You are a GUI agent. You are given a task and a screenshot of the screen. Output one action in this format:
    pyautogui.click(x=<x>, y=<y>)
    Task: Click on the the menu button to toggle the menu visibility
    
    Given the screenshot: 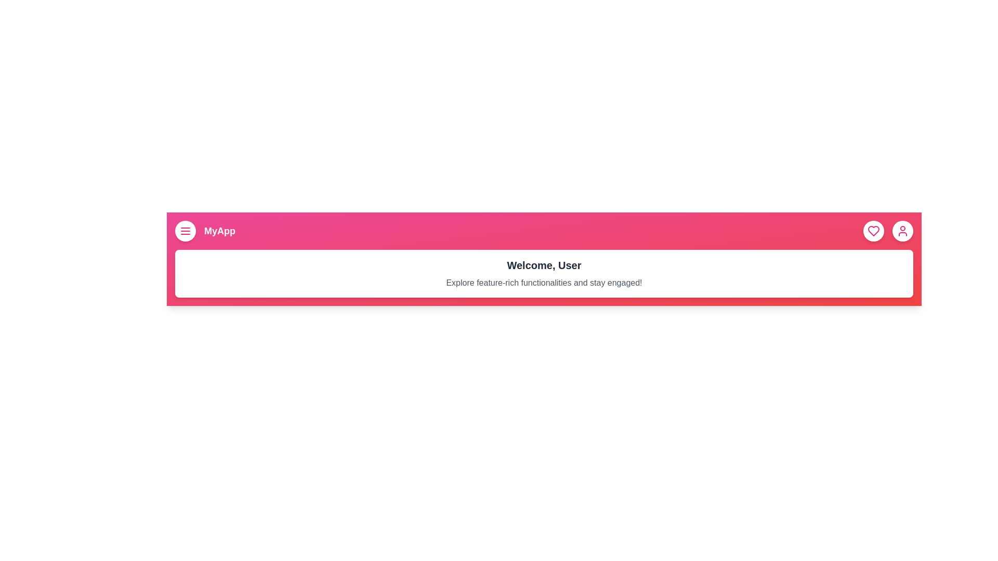 What is the action you would take?
    pyautogui.click(x=185, y=230)
    